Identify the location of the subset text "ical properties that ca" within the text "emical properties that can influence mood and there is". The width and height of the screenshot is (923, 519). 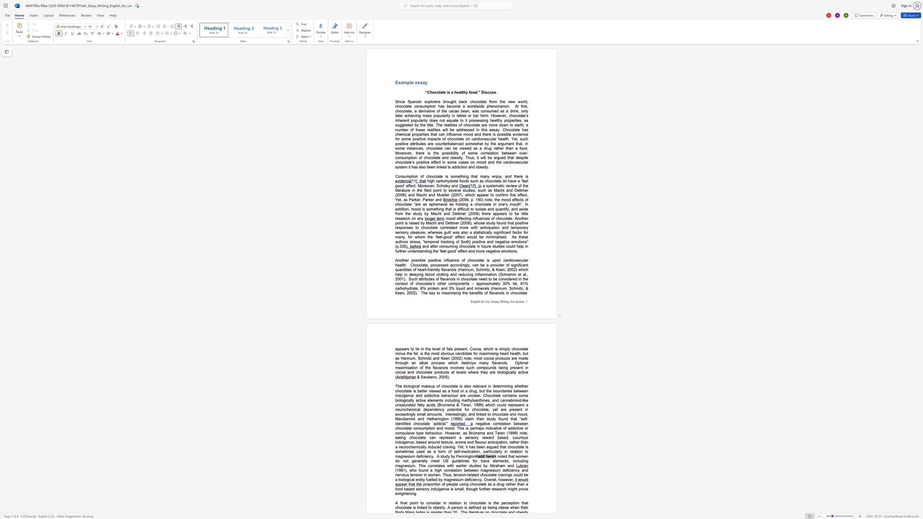
(404, 134).